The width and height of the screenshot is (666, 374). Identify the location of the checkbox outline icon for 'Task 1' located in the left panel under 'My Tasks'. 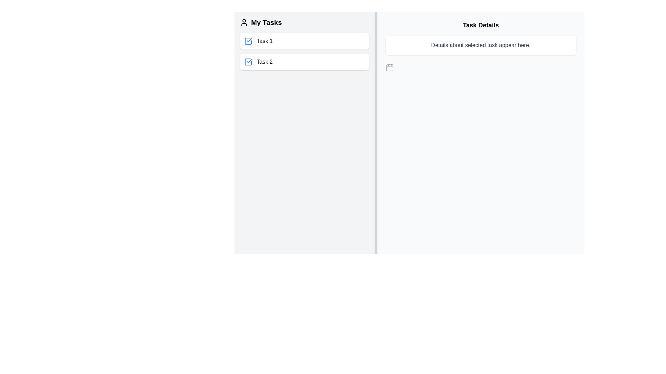
(248, 41).